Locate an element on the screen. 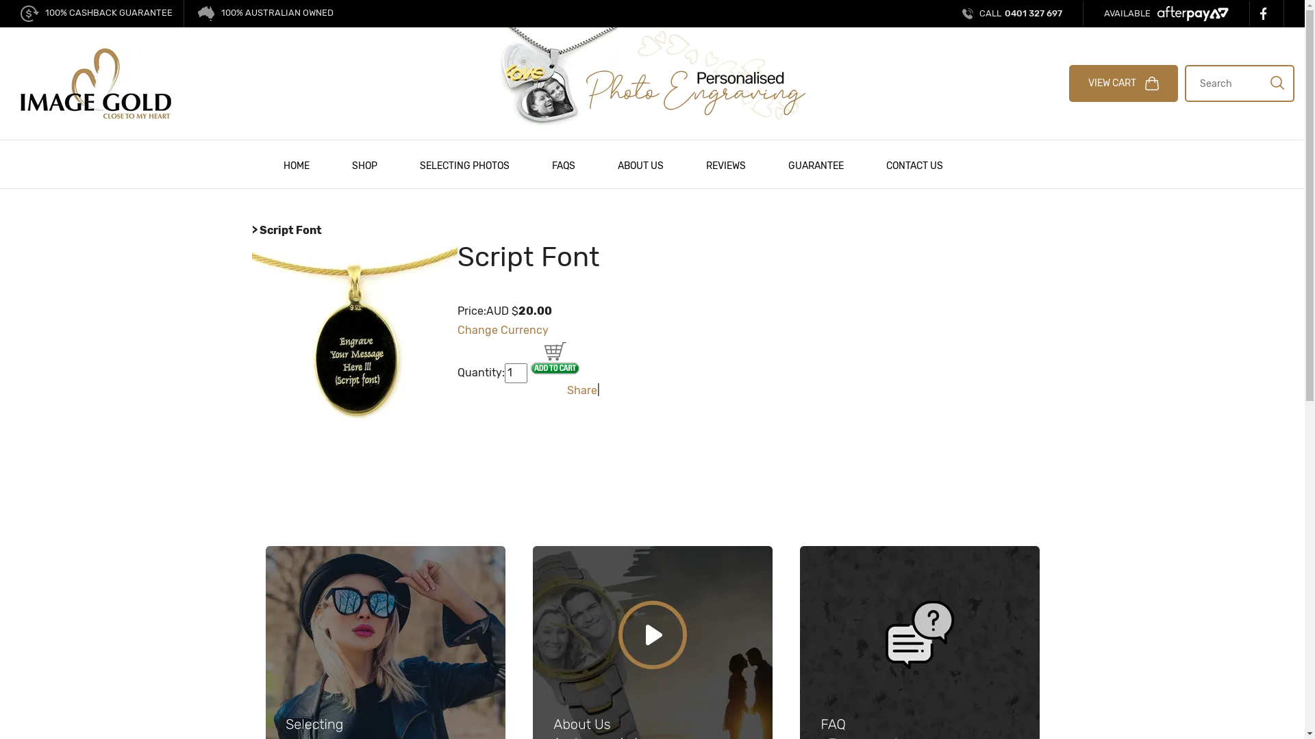 The image size is (1315, 739). 'Personalised Photo Engraving' is located at coordinates (651, 77).